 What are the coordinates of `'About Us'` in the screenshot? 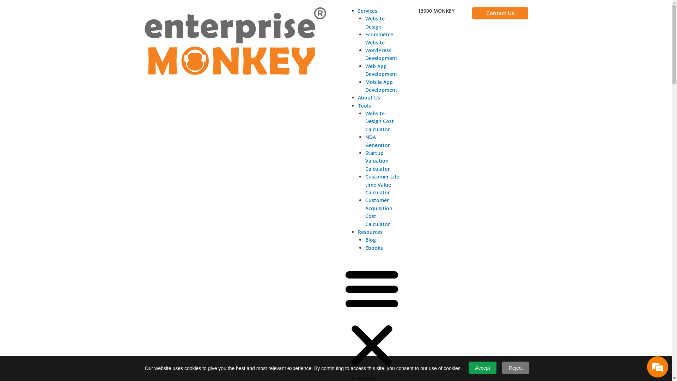 It's located at (368, 97).